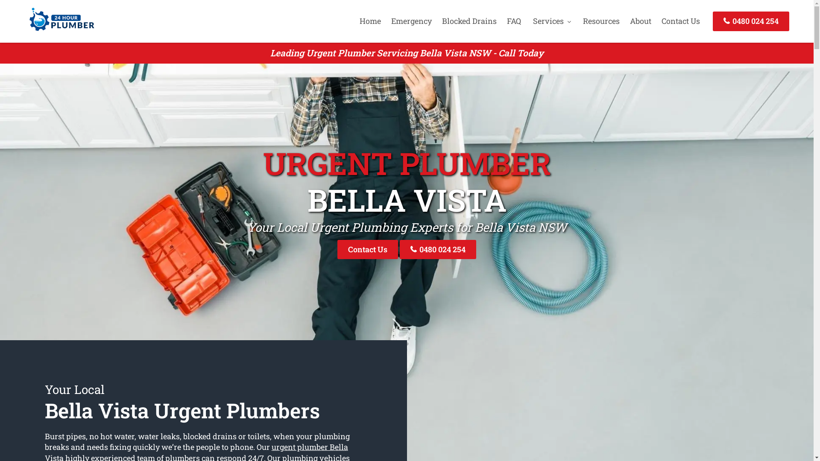  Describe the element at coordinates (513, 20) in the screenshot. I see `'FAQ'` at that location.